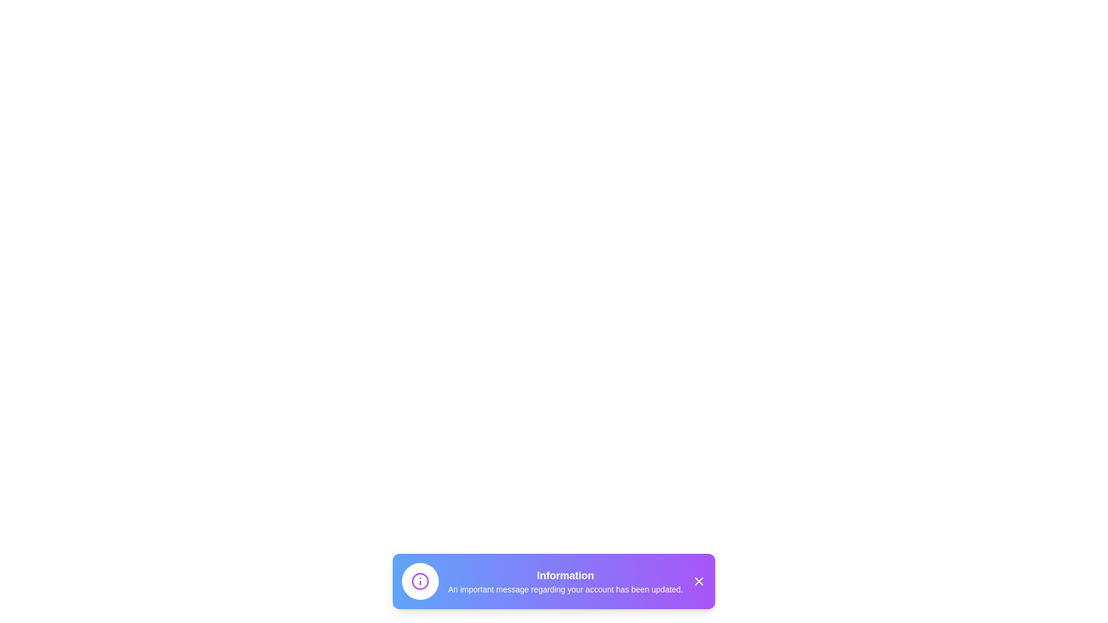 This screenshot has height=623, width=1108. Describe the element at coordinates (698, 581) in the screenshot. I see `the close button to dismiss the alert` at that location.